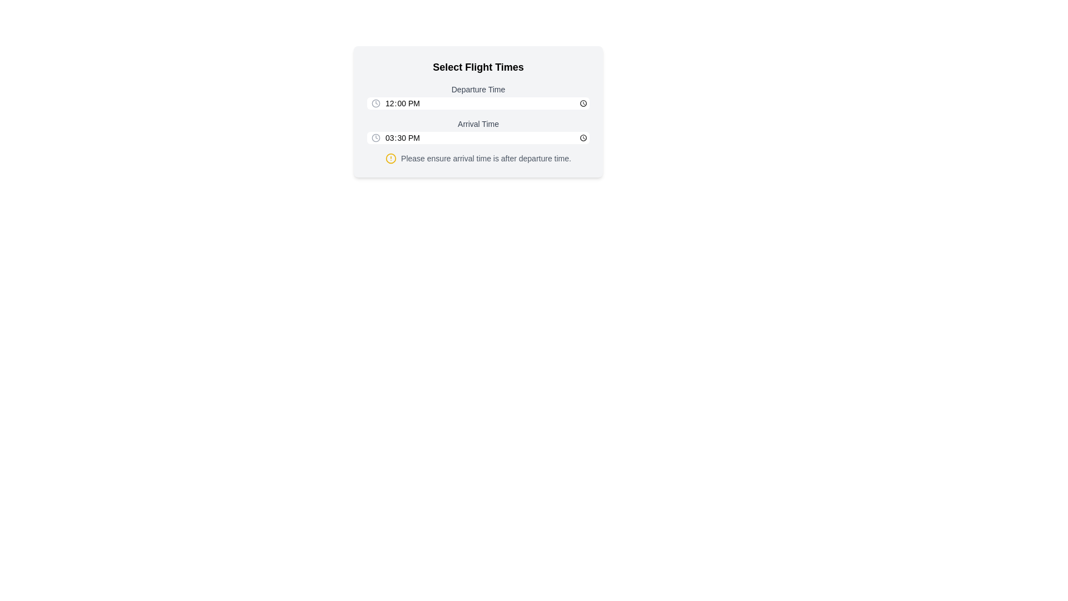 This screenshot has height=601, width=1068. I want to click on the small gray clock icon located to the left of the arrival time input field, which features a rounded outline and a minimalistic clock face design, so click(376, 137).